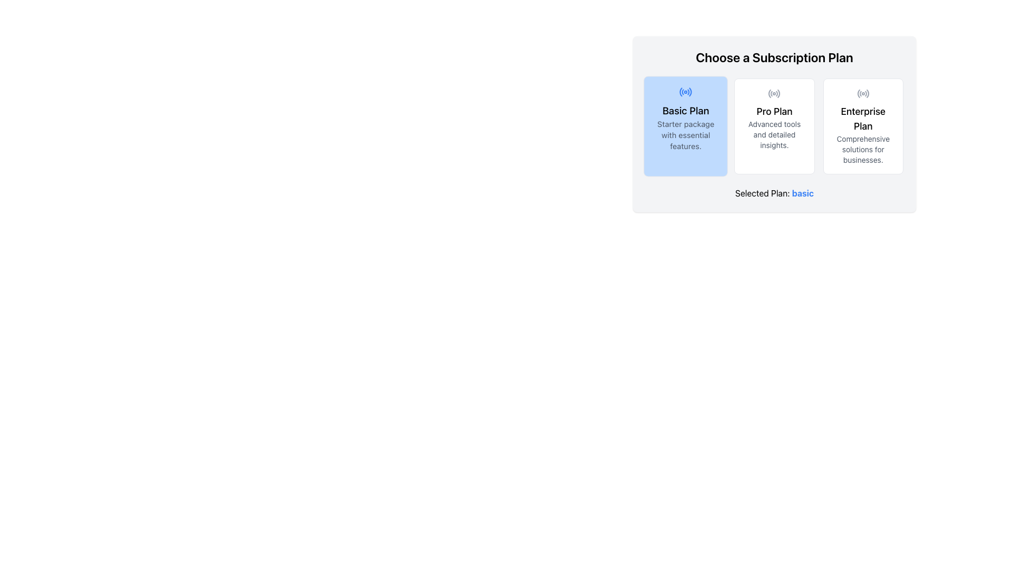 The image size is (1012, 569). Describe the element at coordinates (774, 193) in the screenshot. I see `the text label that displays 'Selected Plan: basic', which is located at the bottom of the subscription selection panel, uniquely positioned below the plan cards` at that location.